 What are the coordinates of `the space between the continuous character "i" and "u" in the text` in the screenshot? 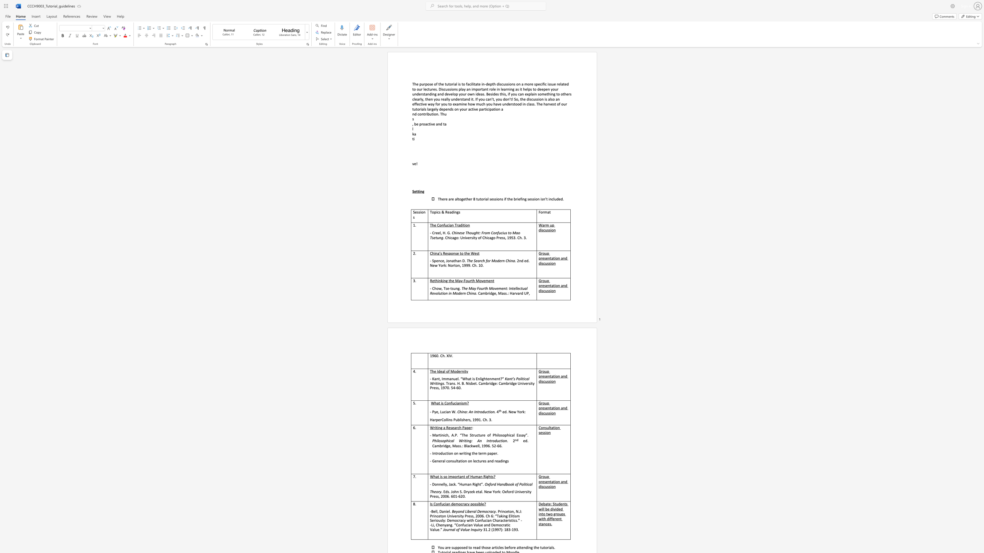 It's located at (503, 232).